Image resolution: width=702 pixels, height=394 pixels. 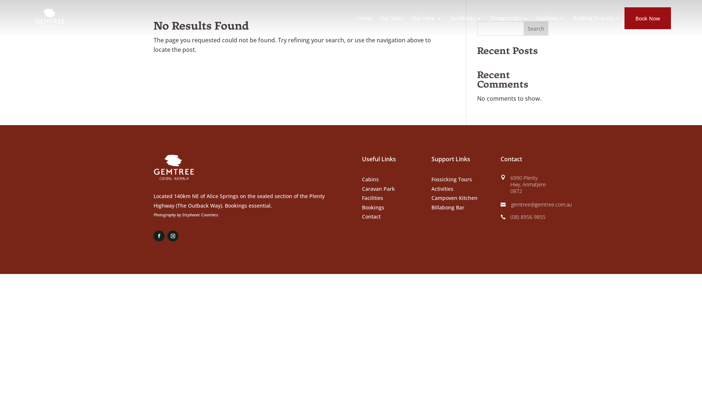 I want to click on 'Things to Do', so click(x=490, y=18).